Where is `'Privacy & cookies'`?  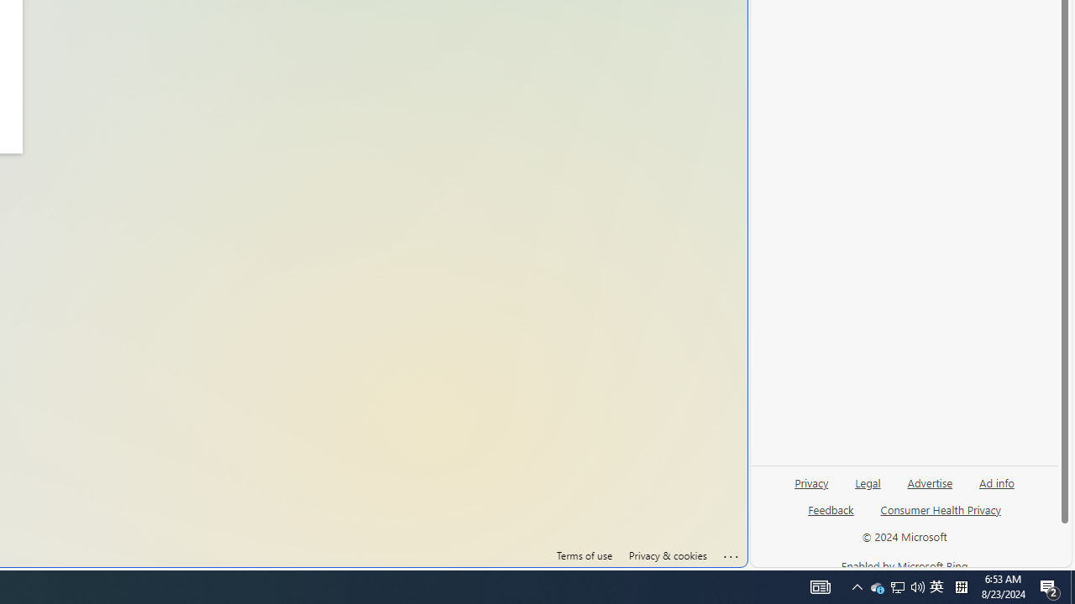 'Privacy & cookies' is located at coordinates (666, 555).